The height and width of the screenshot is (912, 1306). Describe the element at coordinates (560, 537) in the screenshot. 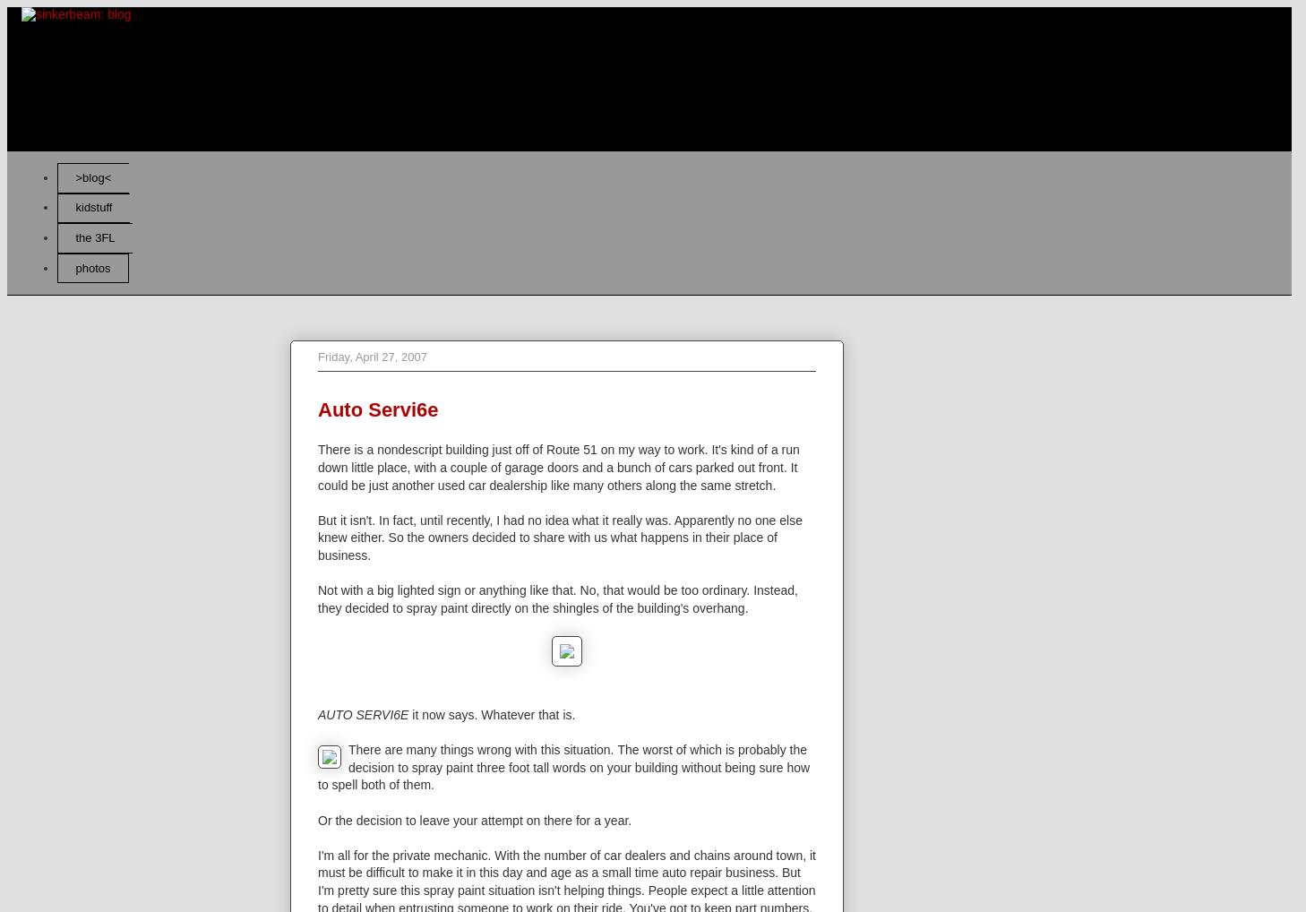

I see `'But it isn't. In fact, until recently, I had no idea what it really was. Apparently no one else knew either. So the owners decided to share with us what happens in their place of business.'` at that location.